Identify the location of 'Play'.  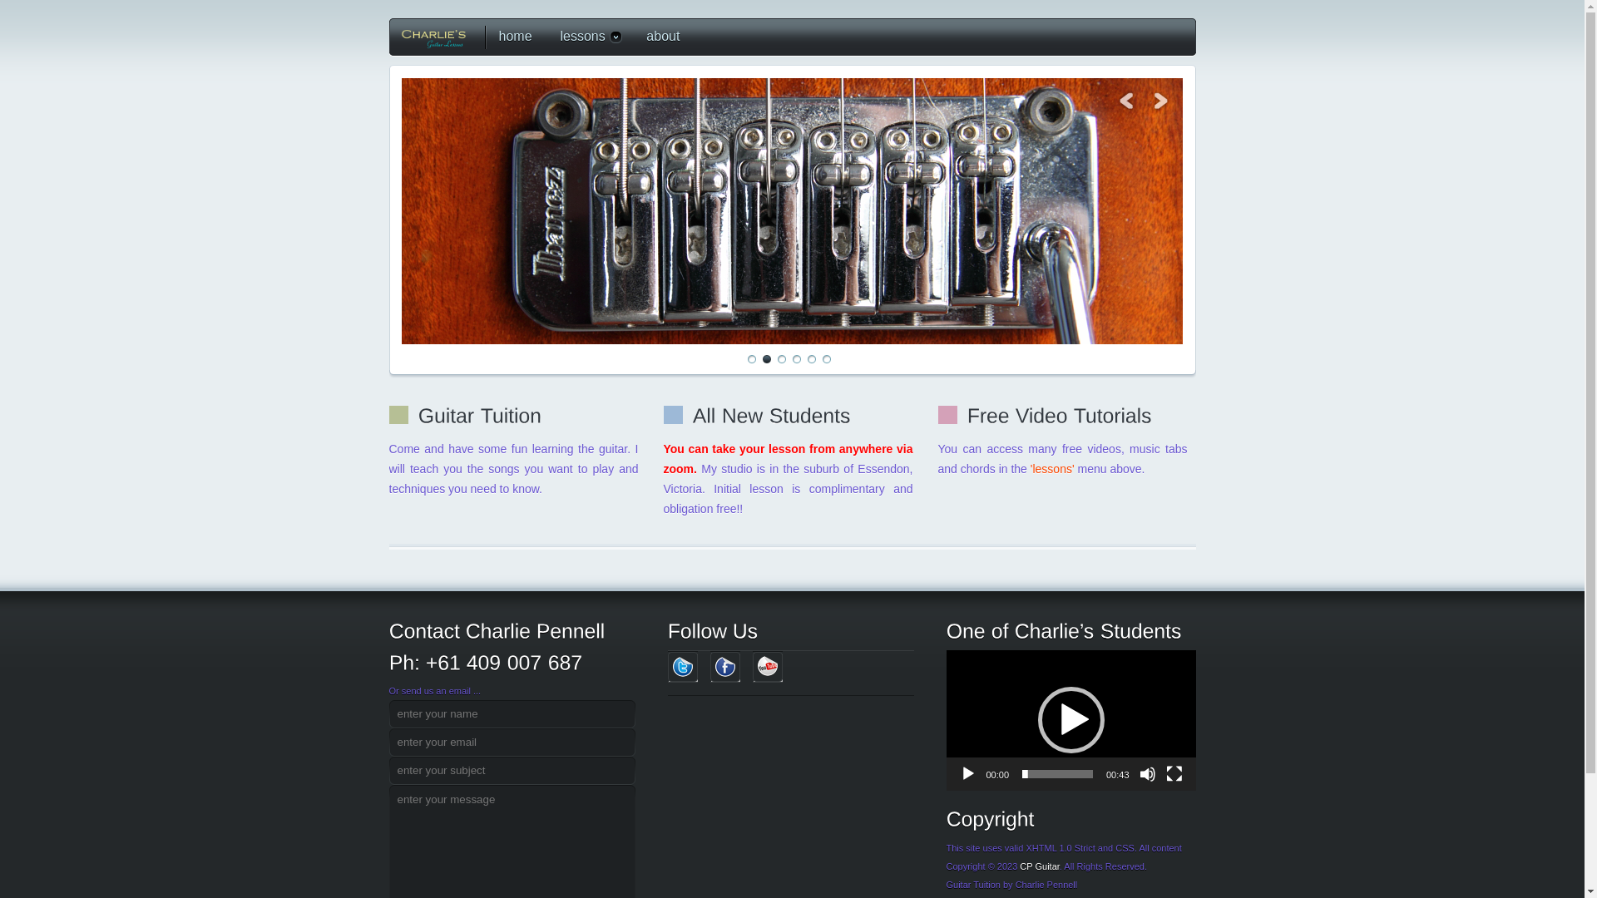
(967, 773).